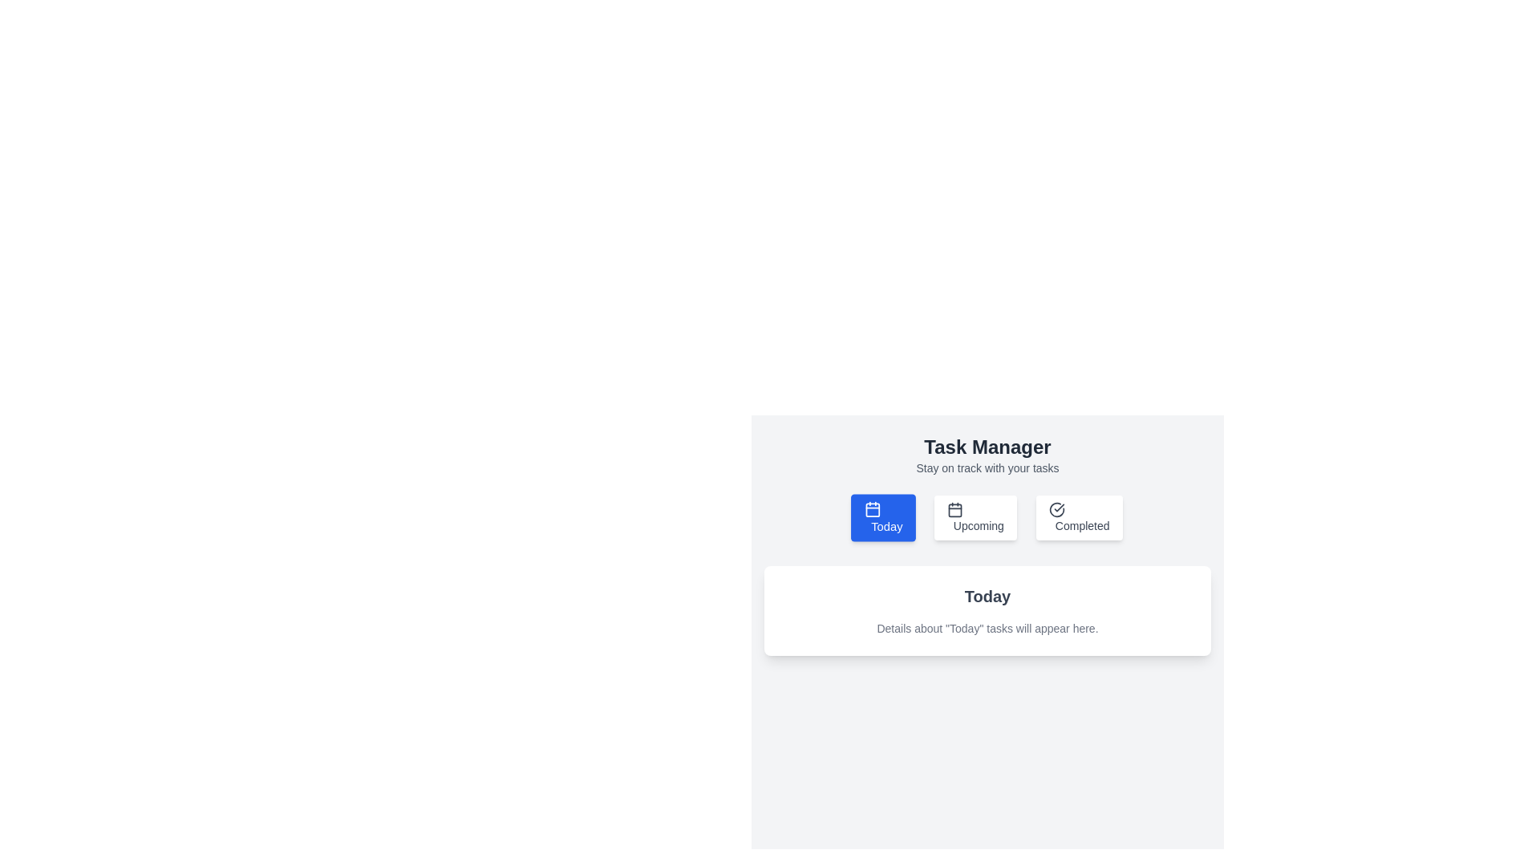  I want to click on the button labeled 'Completed' with a checkmark icon to switch the view, so click(1079, 517).